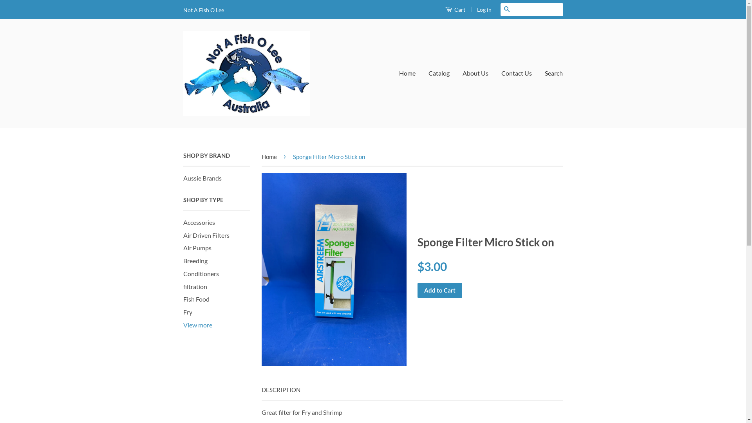 This screenshot has height=423, width=752. I want to click on 'Aussie Brands', so click(202, 178).